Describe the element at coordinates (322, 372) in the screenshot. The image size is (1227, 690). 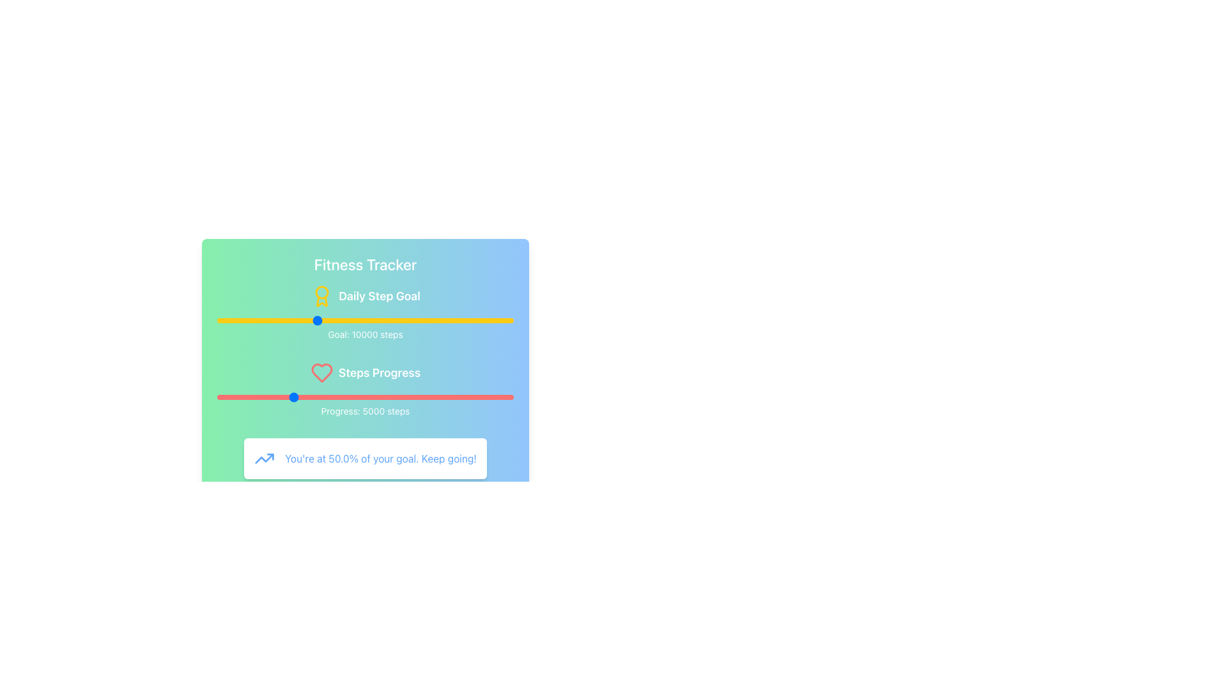
I see `the heart-shaped icon outlined in red, which is located to the left of the 'Steps Progress' text in the progress tracker interface` at that location.